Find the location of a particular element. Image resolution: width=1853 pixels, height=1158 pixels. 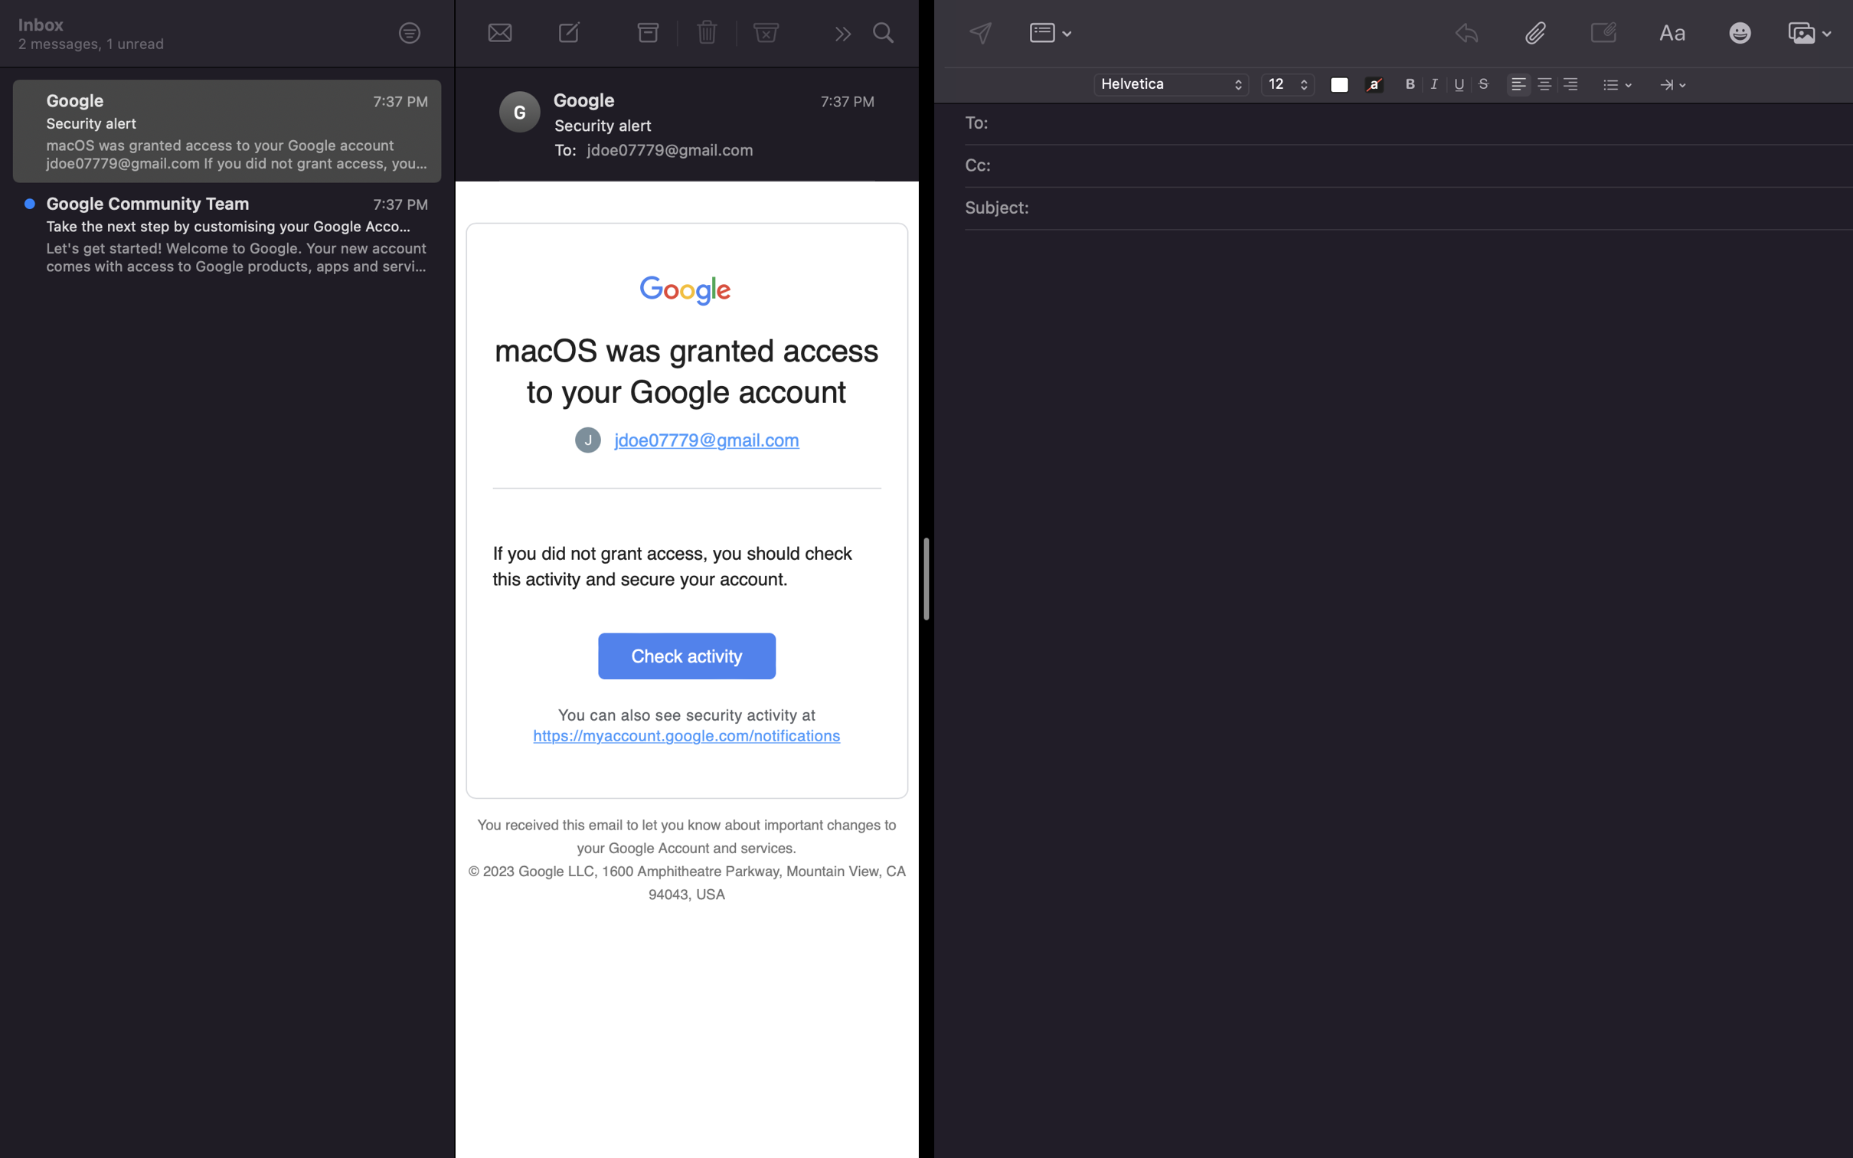

Switch the typeface to bold and alter the font dimension to 8 is located at coordinates (1410, 83).